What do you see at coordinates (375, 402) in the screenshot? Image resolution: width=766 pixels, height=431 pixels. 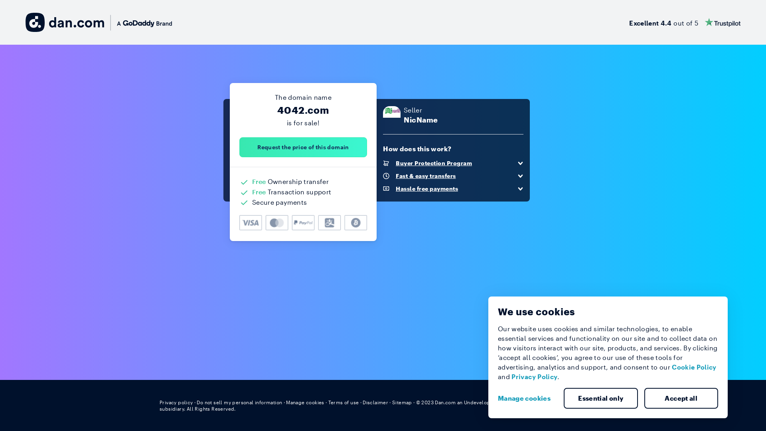 I see `'Disclaimer'` at bounding box center [375, 402].